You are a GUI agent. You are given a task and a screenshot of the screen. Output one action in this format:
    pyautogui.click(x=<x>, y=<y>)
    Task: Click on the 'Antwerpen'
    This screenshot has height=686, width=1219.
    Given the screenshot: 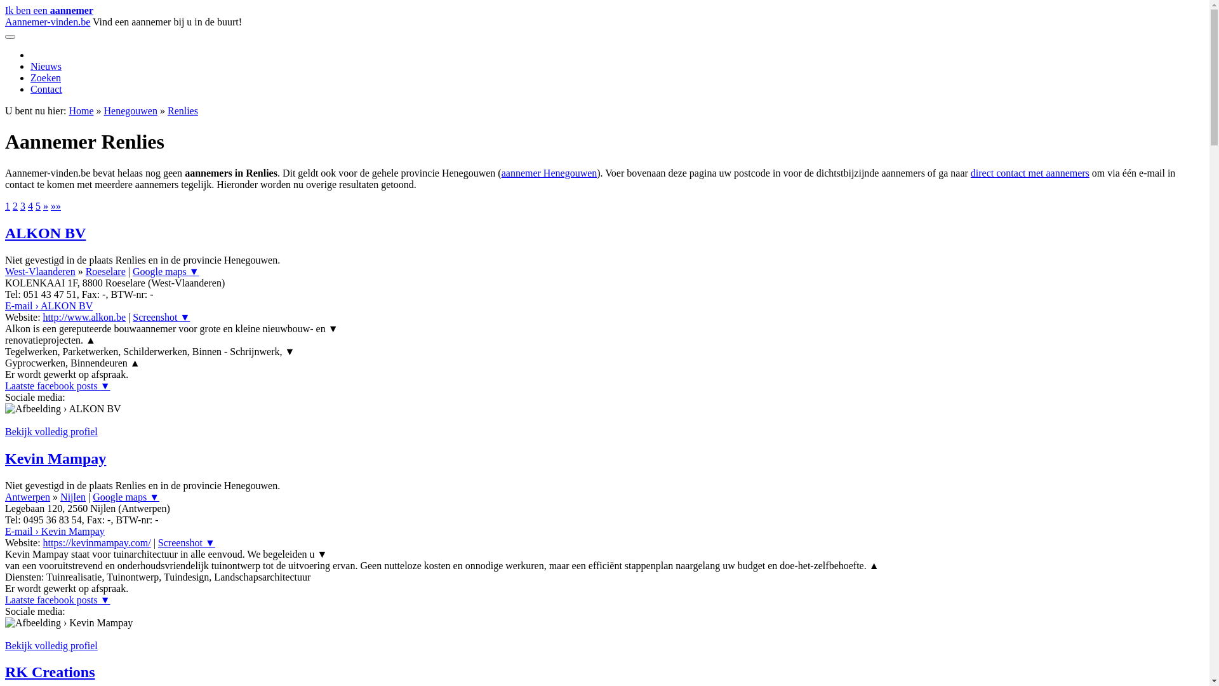 What is the action you would take?
    pyautogui.click(x=27, y=496)
    